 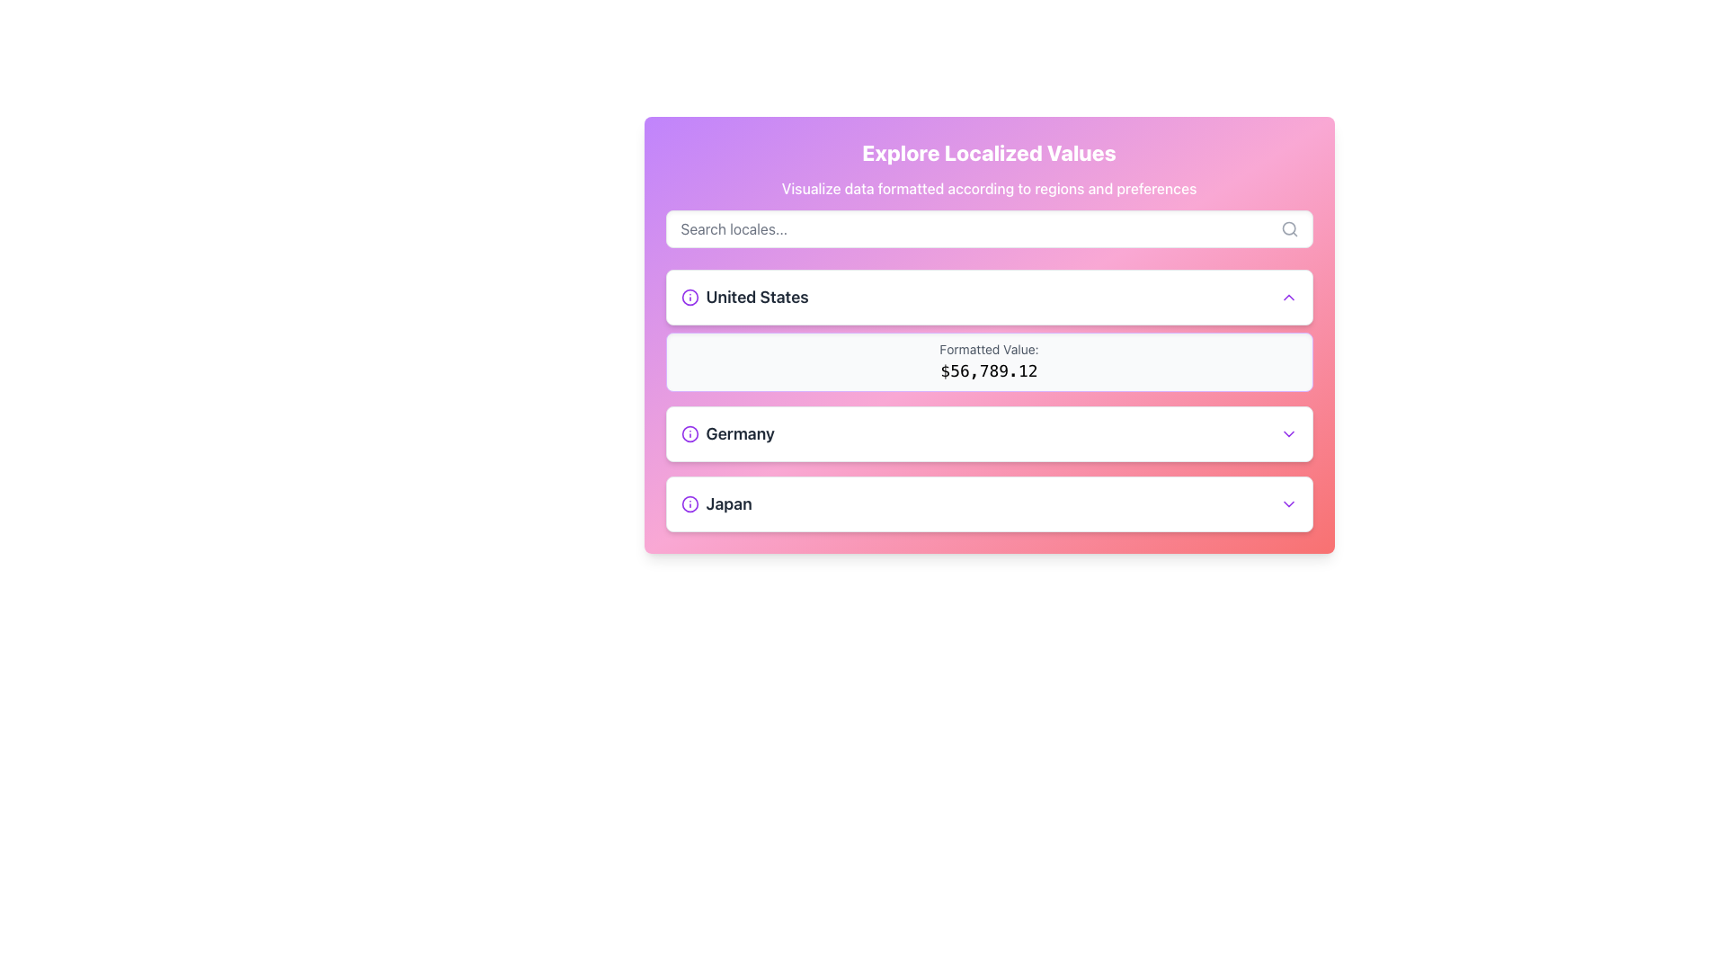 What do you see at coordinates (716, 503) in the screenshot?
I see `the menu item labeled 'Japan' which features a bold font and an information icon inside a purple circle, located as the third option in a vertical list` at bounding box center [716, 503].